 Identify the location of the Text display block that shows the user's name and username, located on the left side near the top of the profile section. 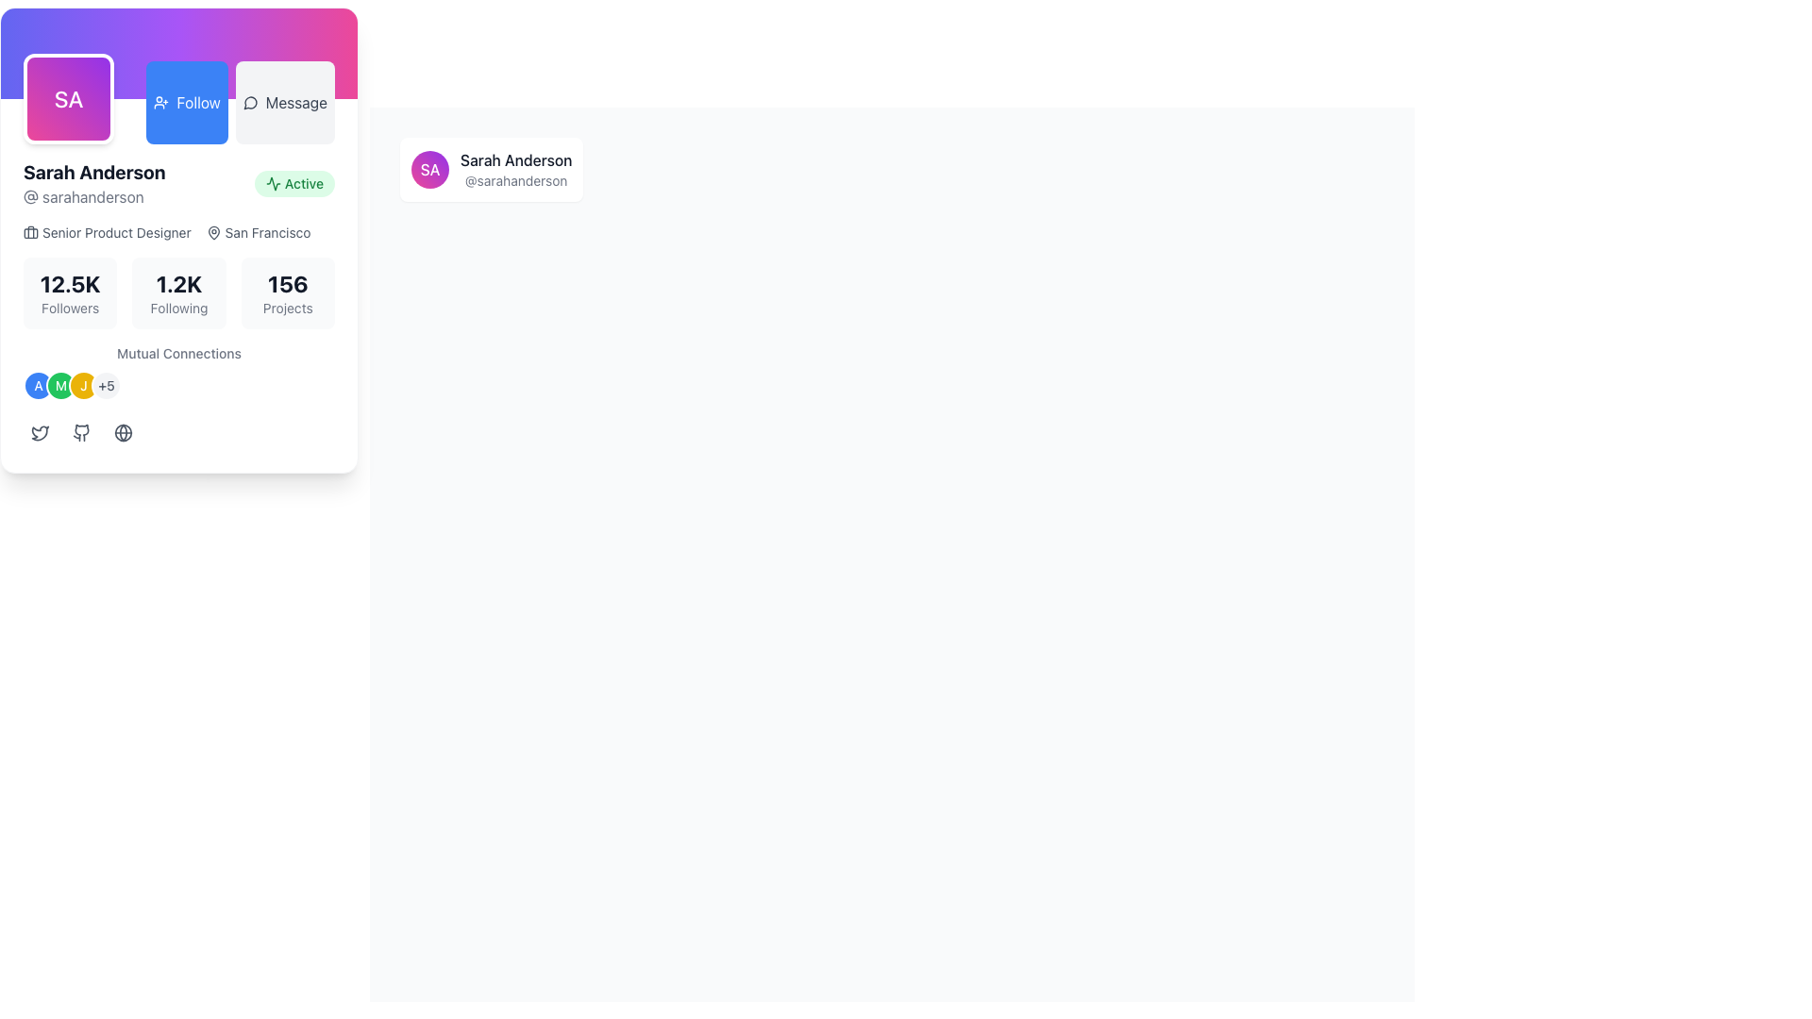
(93, 184).